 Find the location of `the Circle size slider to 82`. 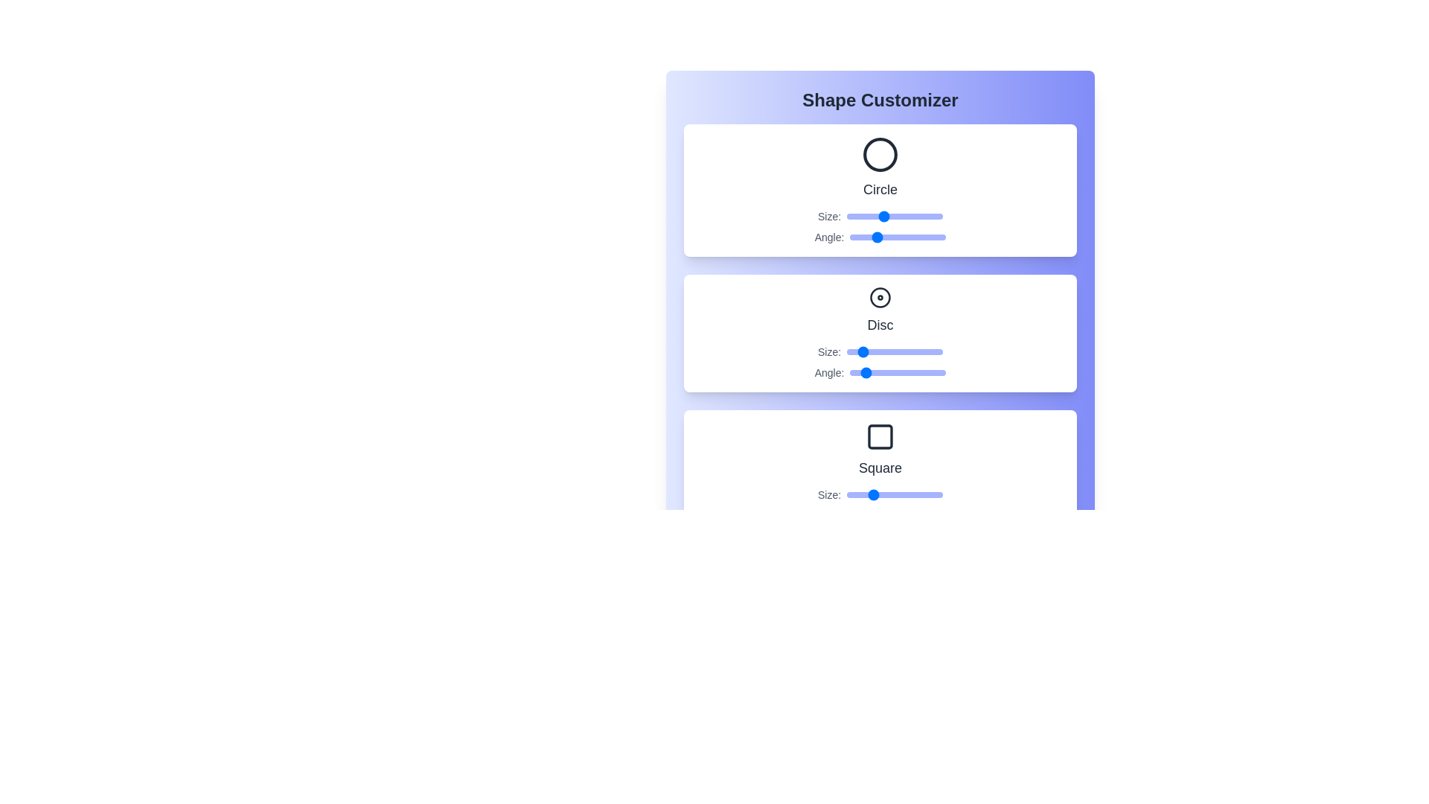

the Circle size slider to 82 is located at coordinates (921, 216).